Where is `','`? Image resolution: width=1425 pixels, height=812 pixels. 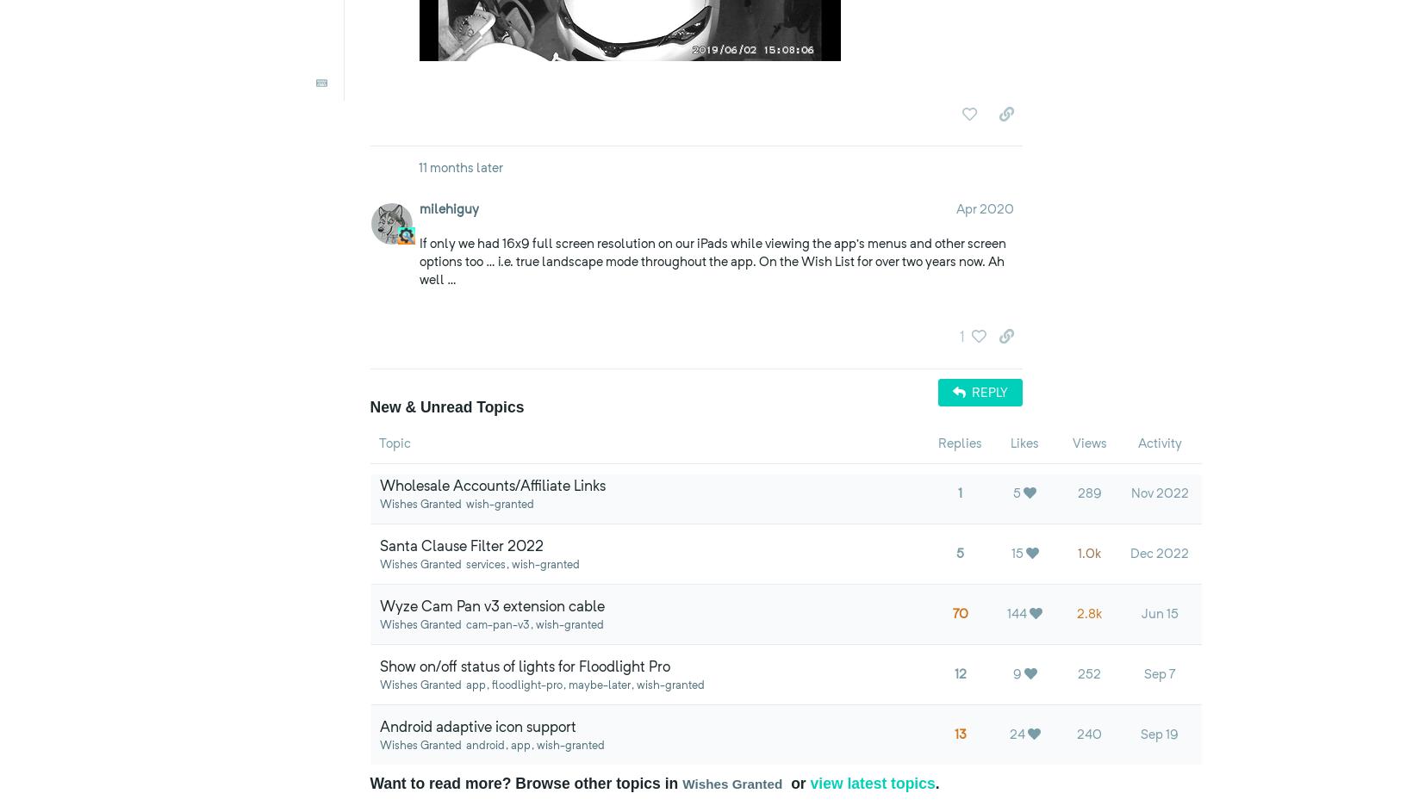
',' is located at coordinates (717, 63).